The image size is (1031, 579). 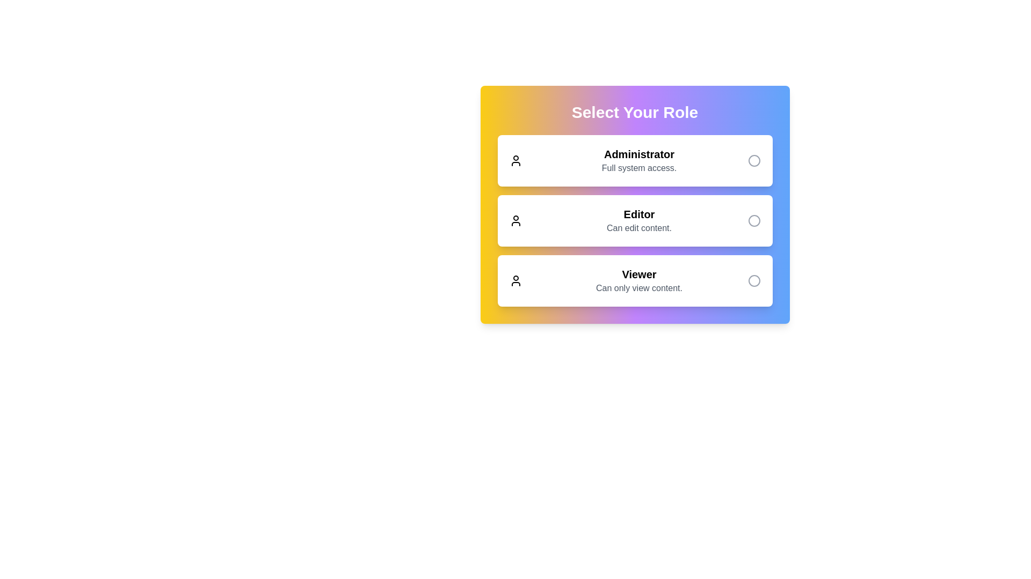 What do you see at coordinates (753, 280) in the screenshot?
I see `the circular radio button for the Viewer role option, which is located on the far right side of the role selection interface` at bounding box center [753, 280].